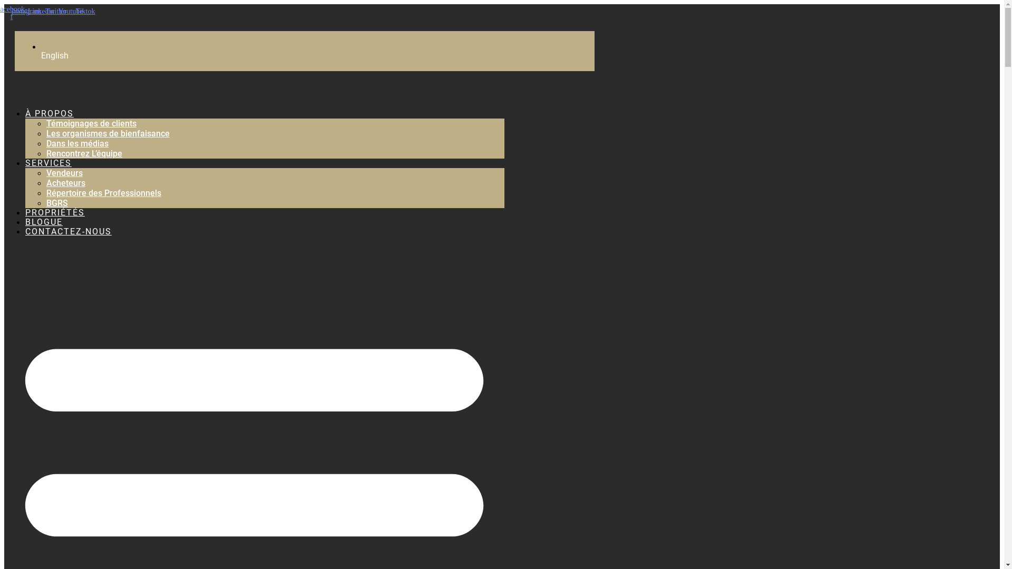 This screenshot has width=1012, height=569. What do you see at coordinates (41, 55) in the screenshot?
I see `'English'` at bounding box center [41, 55].